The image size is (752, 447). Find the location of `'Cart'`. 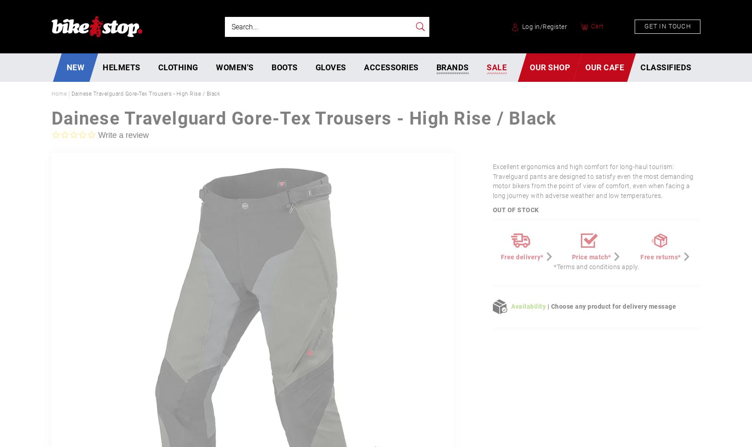

'Cart' is located at coordinates (590, 26).